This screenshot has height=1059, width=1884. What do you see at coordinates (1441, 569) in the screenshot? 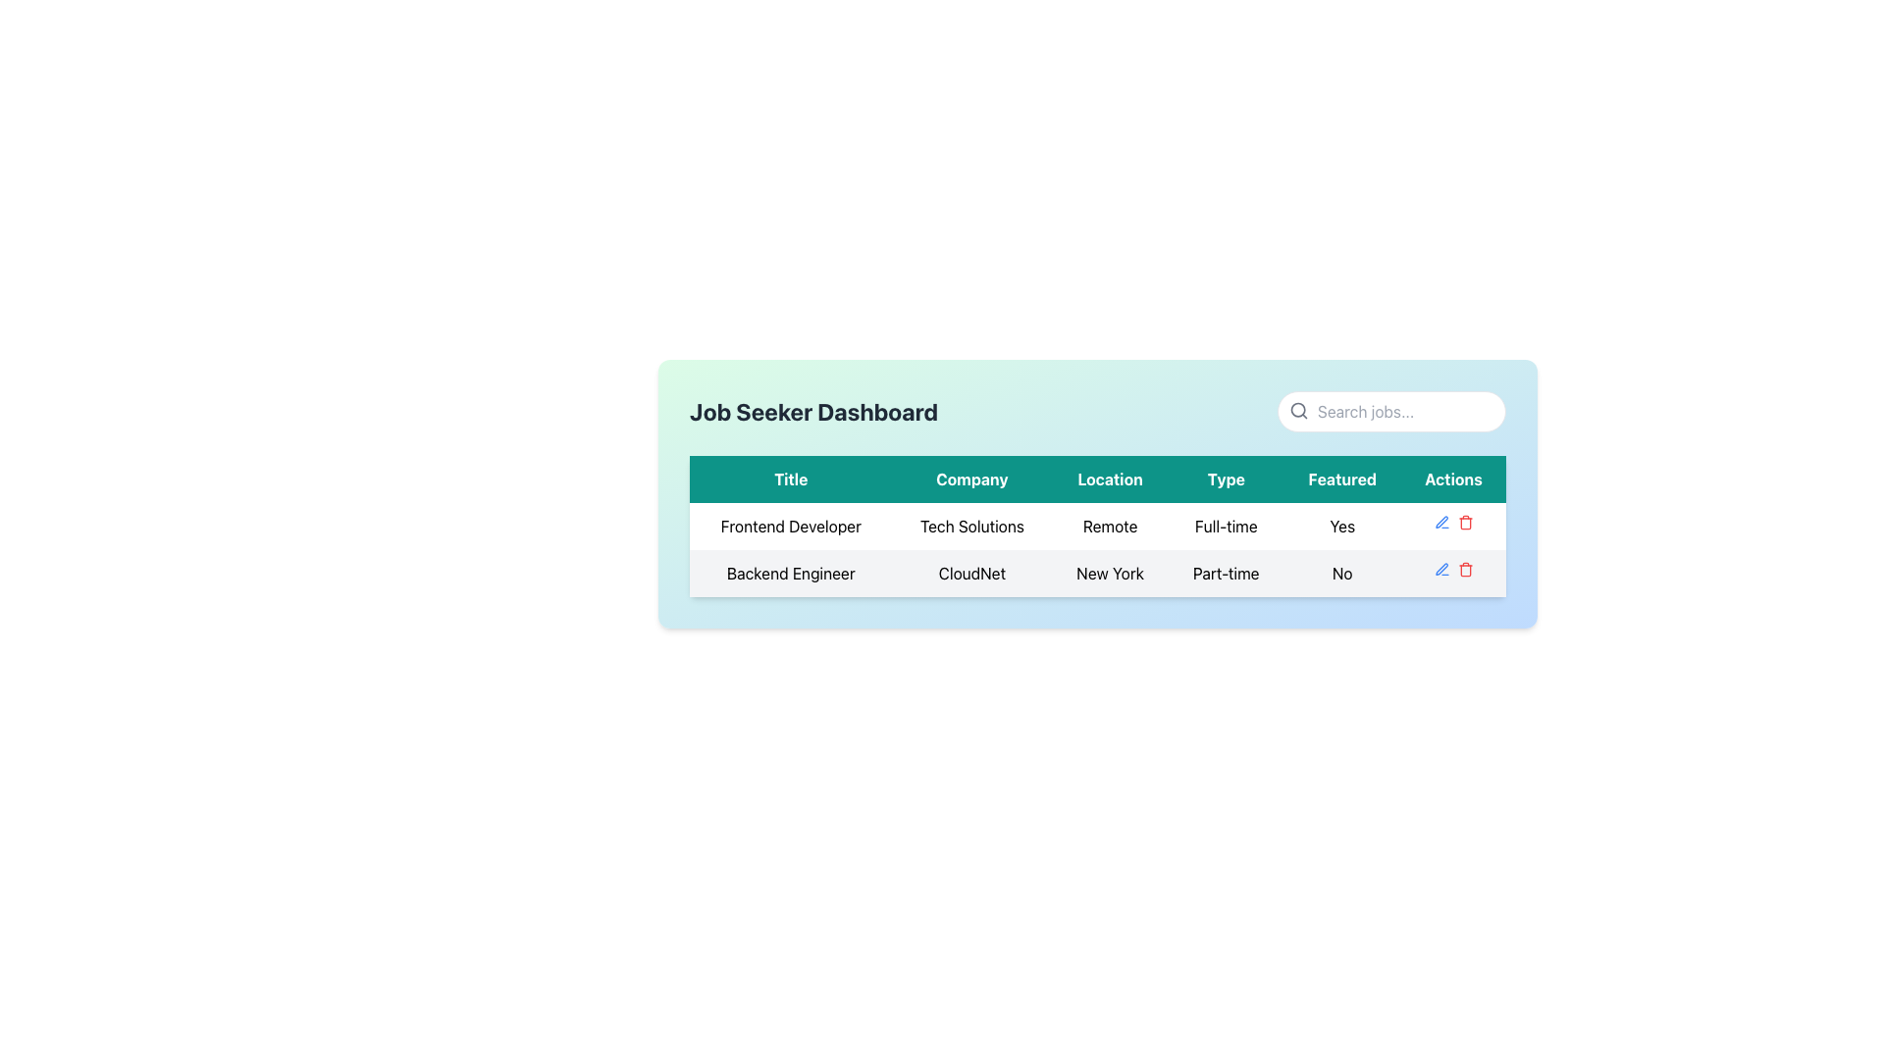
I see `the edit icon located in the actions column of the second row of the data table` at bounding box center [1441, 569].